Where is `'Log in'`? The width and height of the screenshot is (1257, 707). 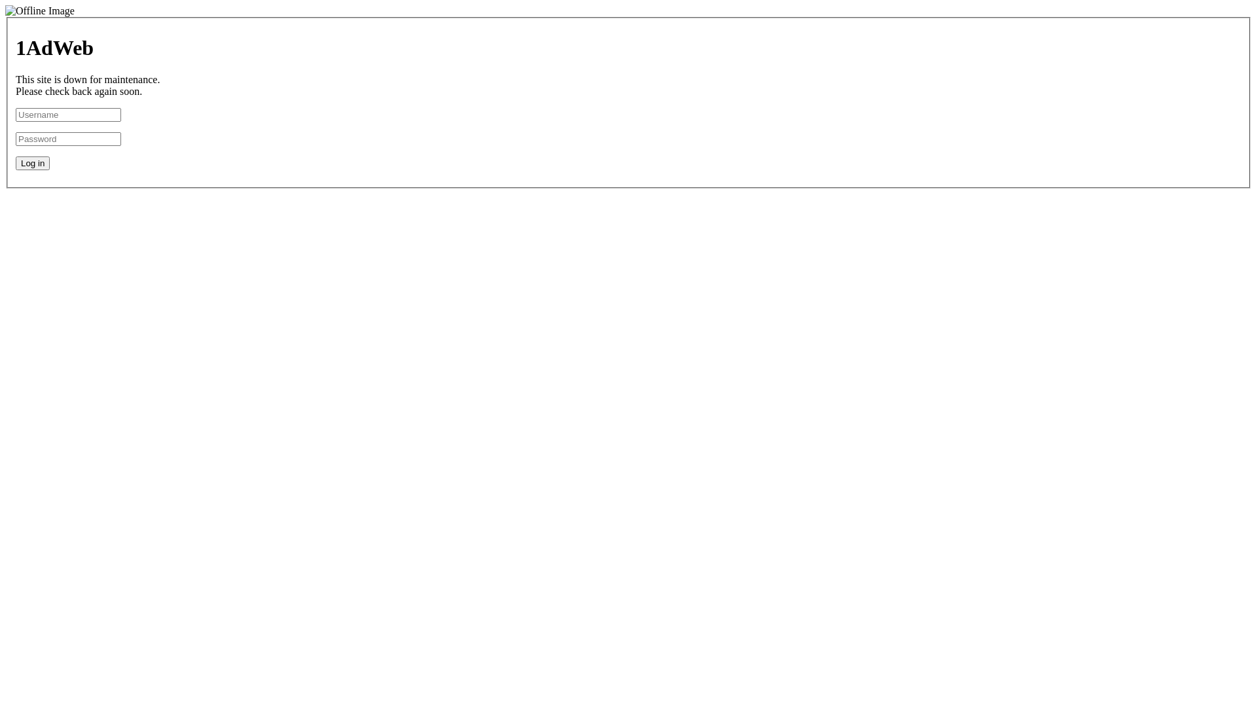
'Log in' is located at coordinates (32, 162).